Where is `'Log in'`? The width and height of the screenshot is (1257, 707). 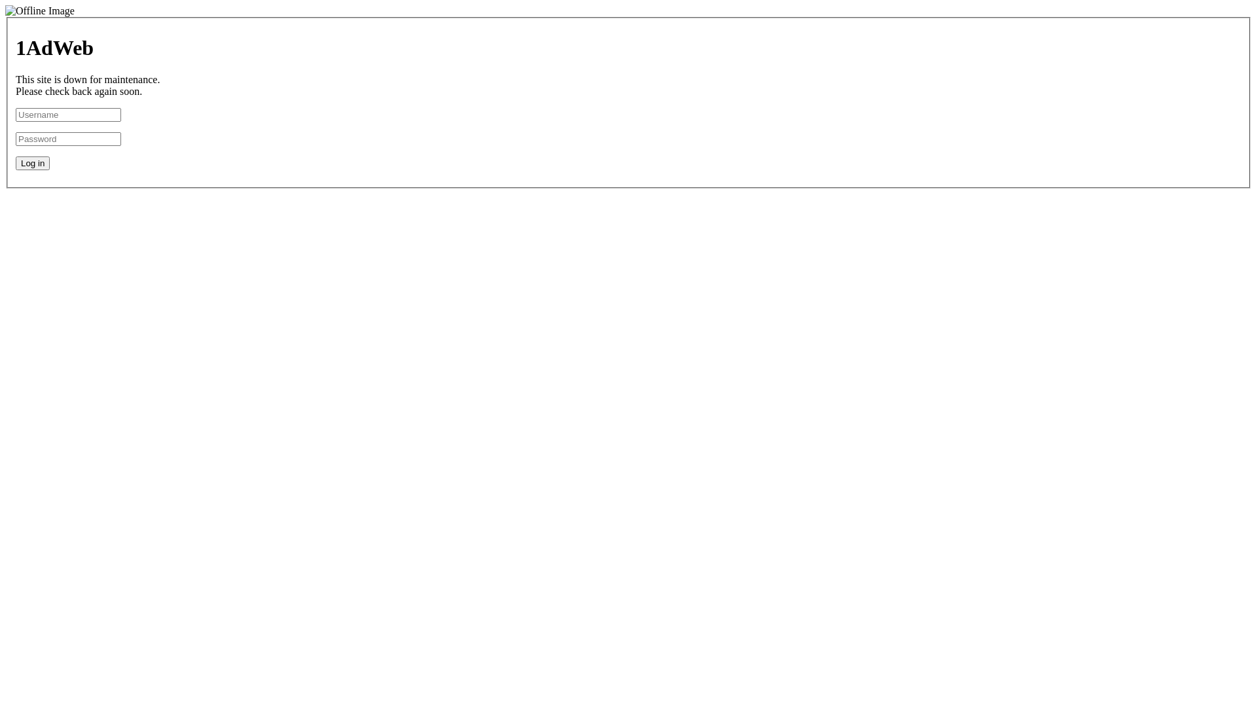
'Log in' is located at coordinates (32, 162).